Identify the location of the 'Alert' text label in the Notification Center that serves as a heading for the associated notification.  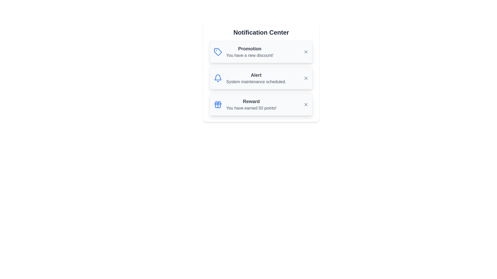
(256, 75).